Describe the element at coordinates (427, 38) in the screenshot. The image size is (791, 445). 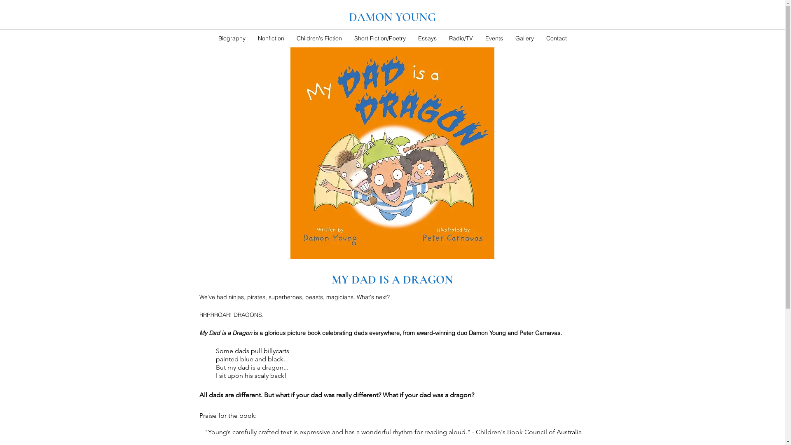
I see `'Essays'` at that location.